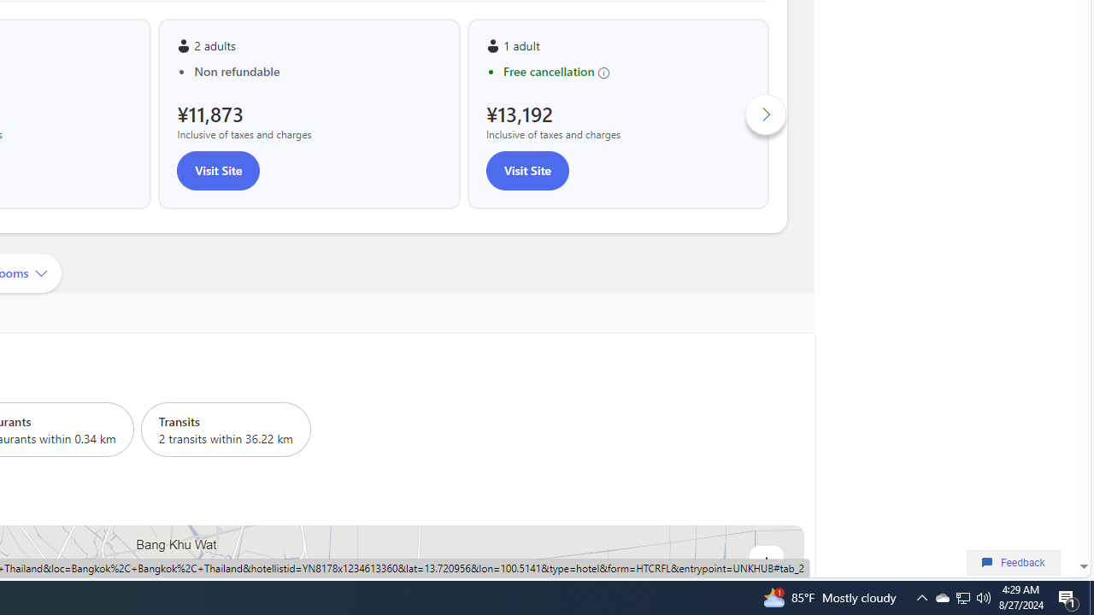  I want to click on 'Click to scroll right', so click(765, 114).